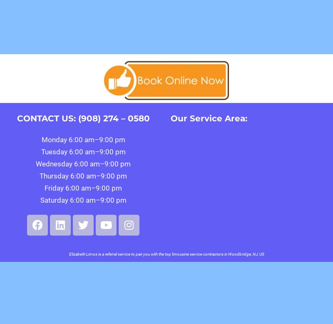 This screenshot has width=333, height=324. Describe the element at coordinates (47, 118) in the screenshot. I see `'CONTACT US:'` at that location.